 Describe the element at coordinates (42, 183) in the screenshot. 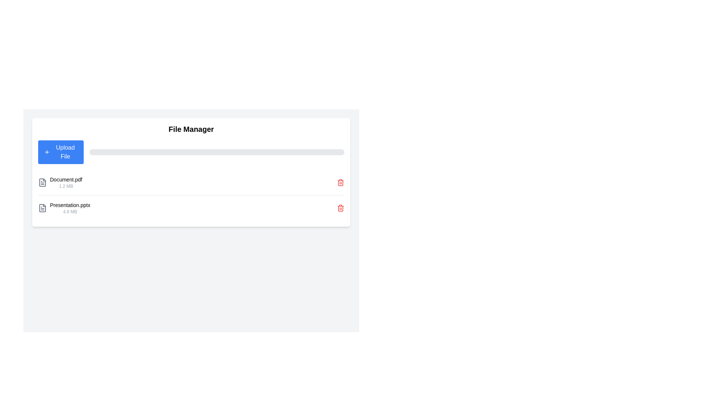

I see `the small document icon styled in light gray, located to the left of 'Document.pdf 1.2 MB' in the file manager section` at that location.